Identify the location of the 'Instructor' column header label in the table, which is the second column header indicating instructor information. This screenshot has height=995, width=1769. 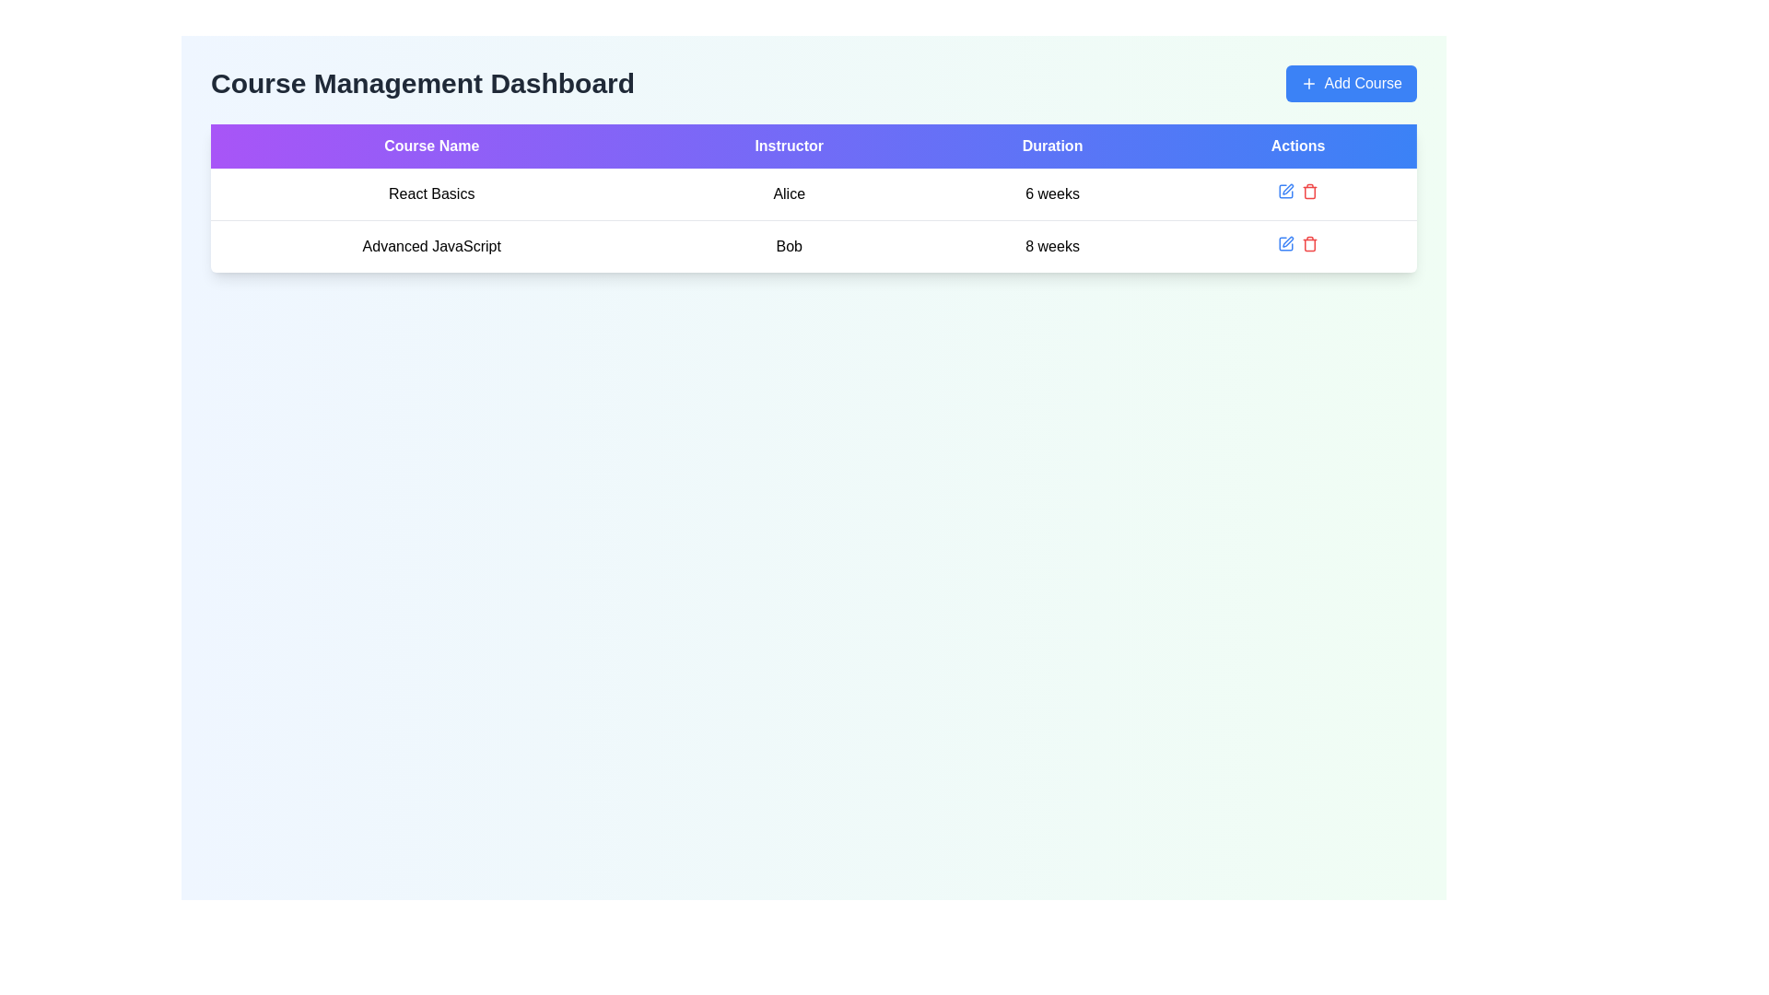
(789, 145).